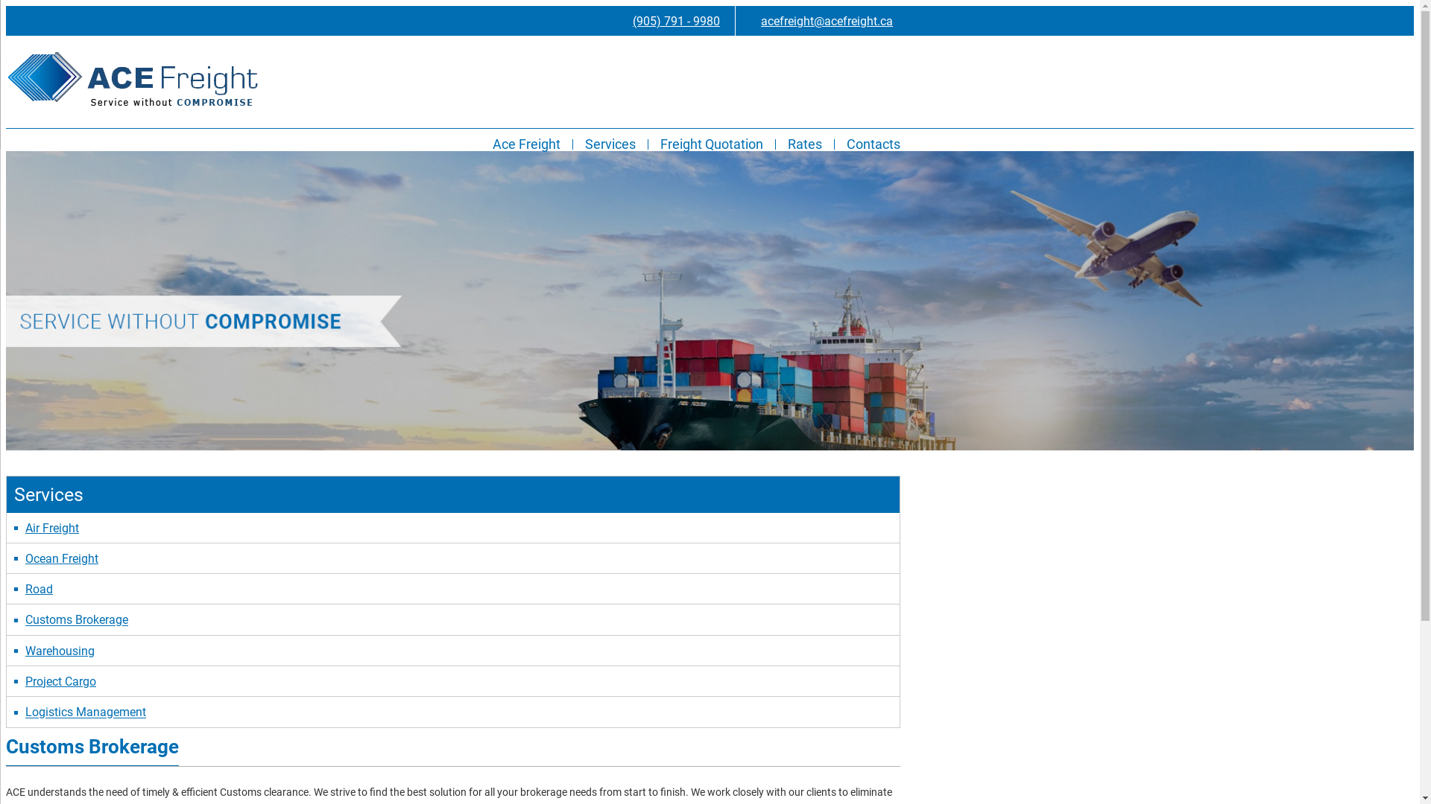 Image resolution: width=1431 pixels, height=804 pixels. Describe the element at coordinates (60, 681) in the screenshot. I see `'Project Cargo'` at that location.